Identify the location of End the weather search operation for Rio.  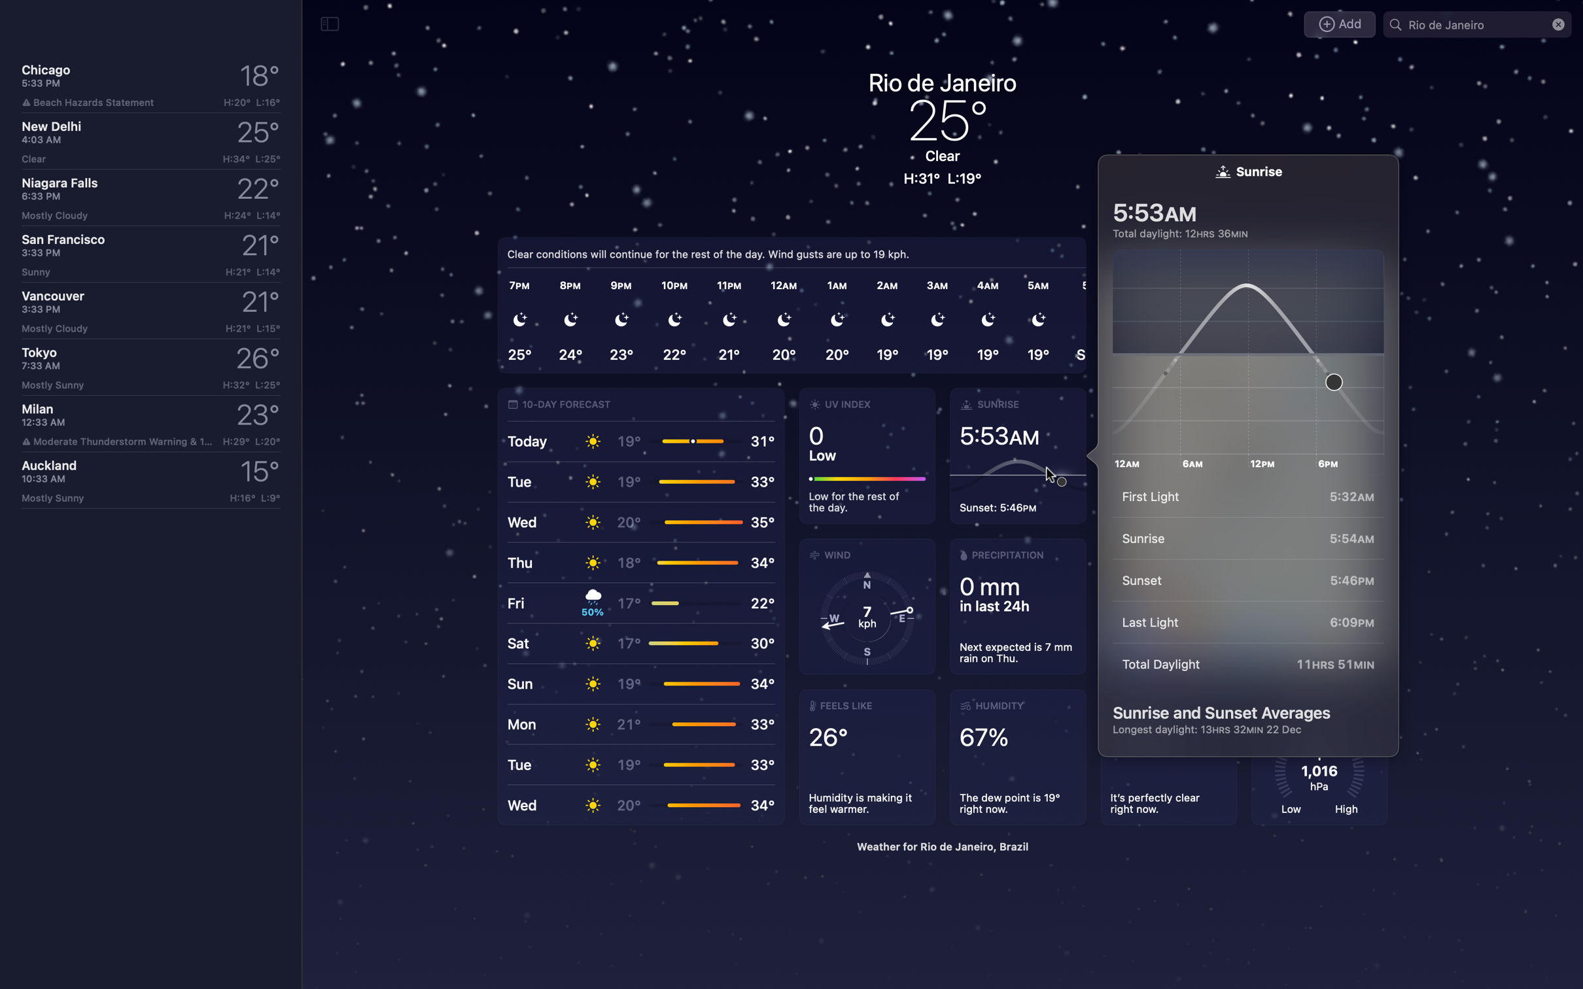
(1557, 24).